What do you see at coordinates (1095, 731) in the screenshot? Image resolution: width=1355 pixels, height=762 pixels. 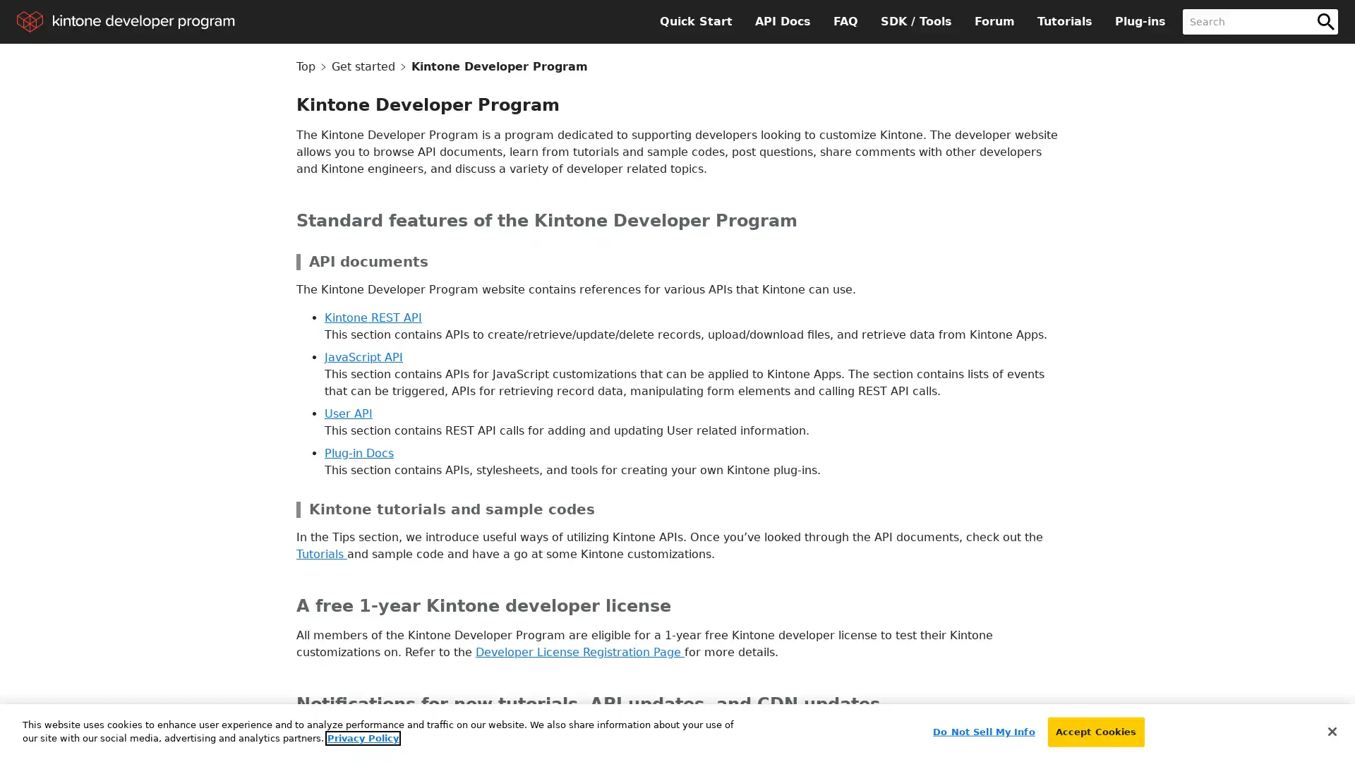 I see `Accept Cookies` at bounding box center [1095, 731].